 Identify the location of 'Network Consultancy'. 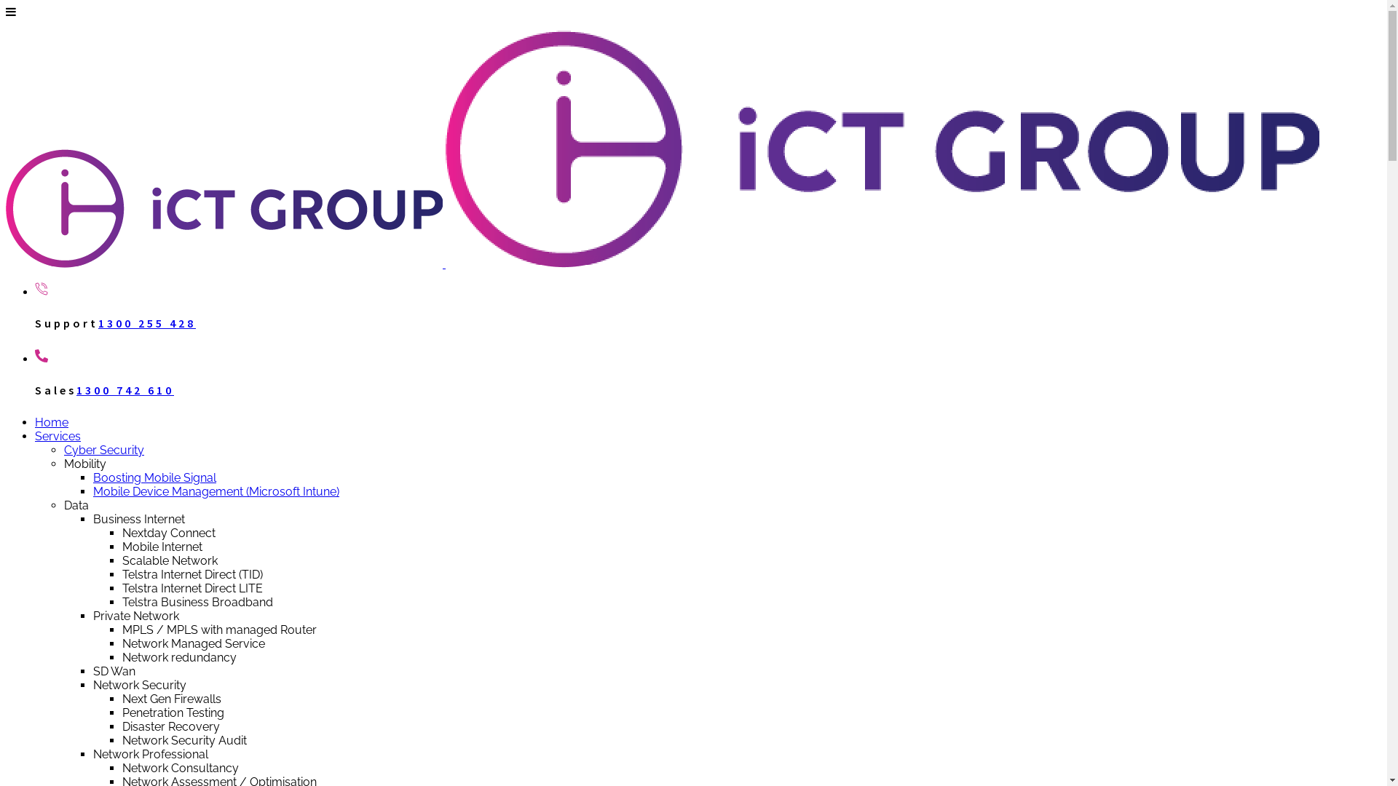
(122, 767).